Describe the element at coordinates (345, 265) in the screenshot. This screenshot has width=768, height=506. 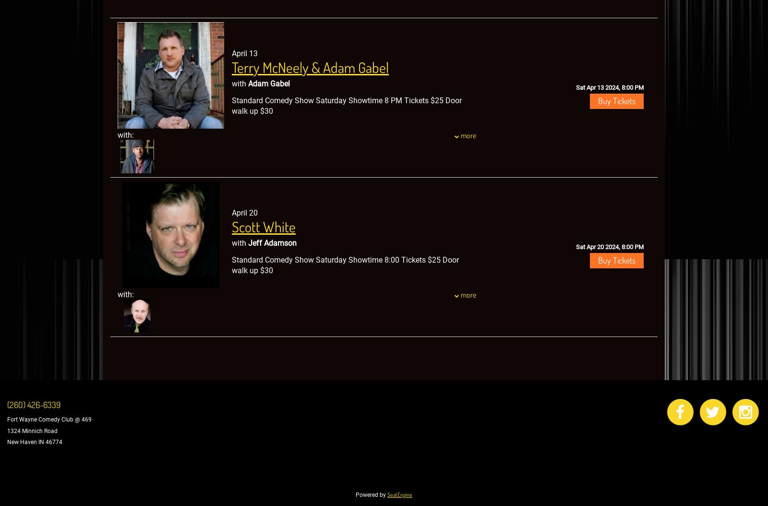
I see `'Standard Comedy Show Saturday Showtime 8:00 Tickets $25 Door walk up $30'` at that location.